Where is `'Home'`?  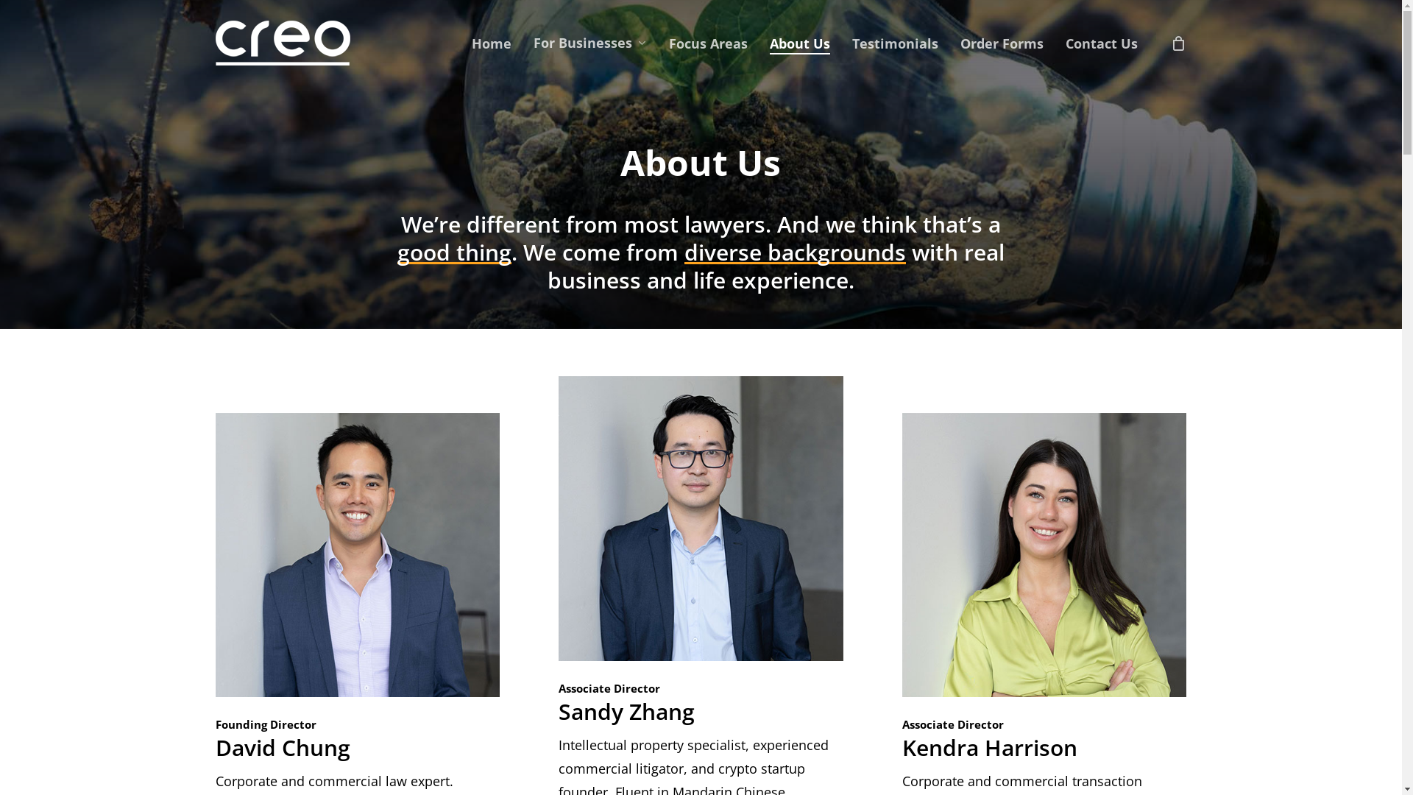 'Home' is located at coordinates (491, 42).